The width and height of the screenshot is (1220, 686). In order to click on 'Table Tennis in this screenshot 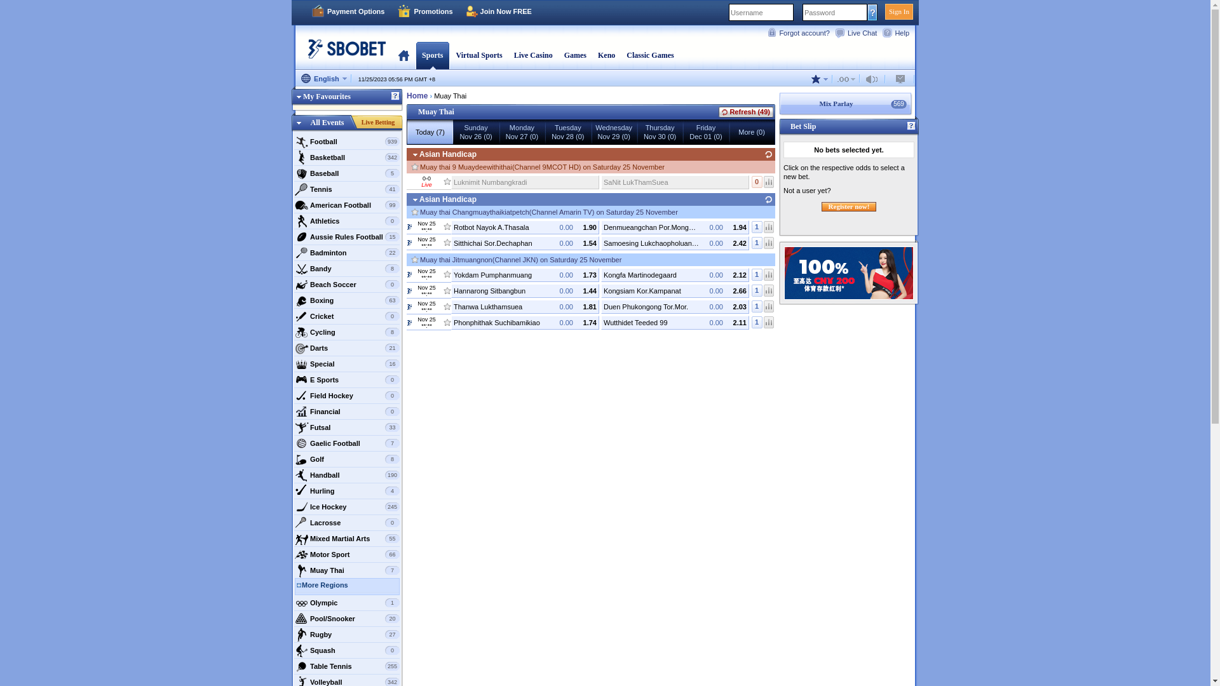, I will do `click(347, 666)`.